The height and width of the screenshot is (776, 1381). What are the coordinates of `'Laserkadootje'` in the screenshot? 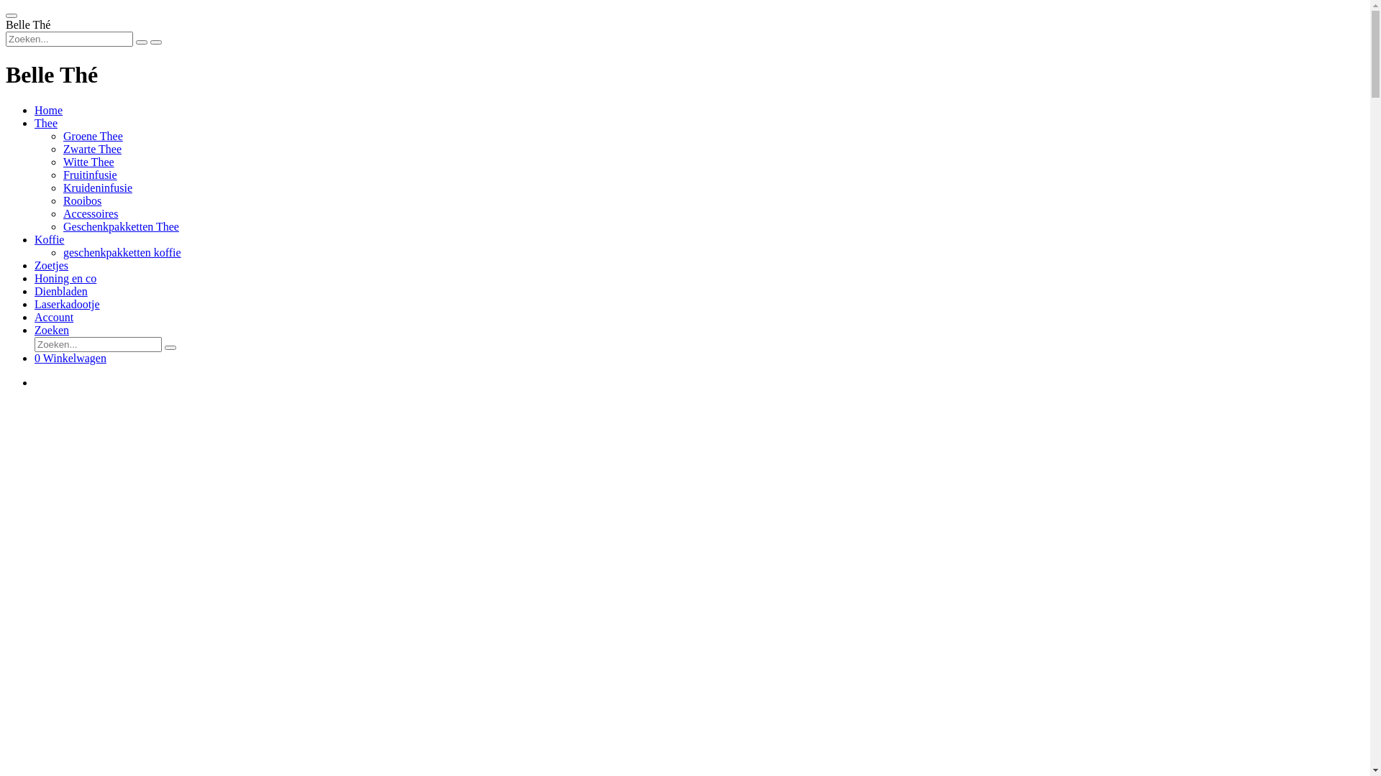 It's located at (66, 303).